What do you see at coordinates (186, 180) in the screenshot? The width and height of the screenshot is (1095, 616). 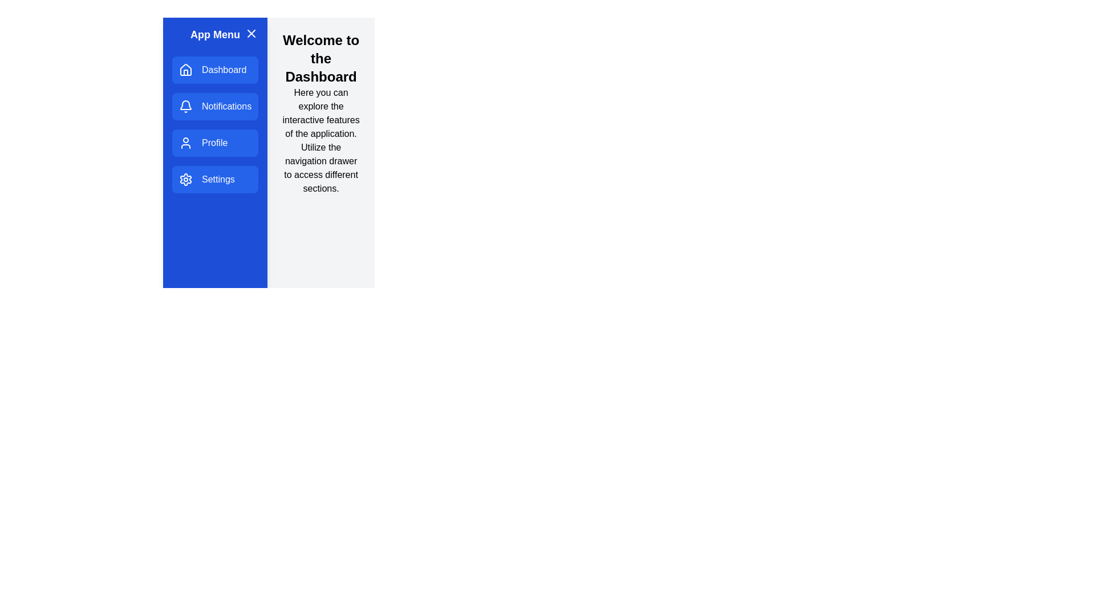 I see `the gear-shaped icon representing settings, which is located within the blue rectangular button labeled 'Settings' at the bottom of the vertical list of options` at bounding box center [186, 180].